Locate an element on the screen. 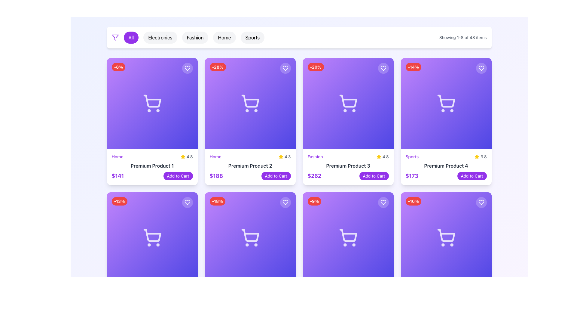  the text label displaying 'Showing 1-8 of 48 items' located in the top-right corner of the layout is located at coordinates (463, 37).